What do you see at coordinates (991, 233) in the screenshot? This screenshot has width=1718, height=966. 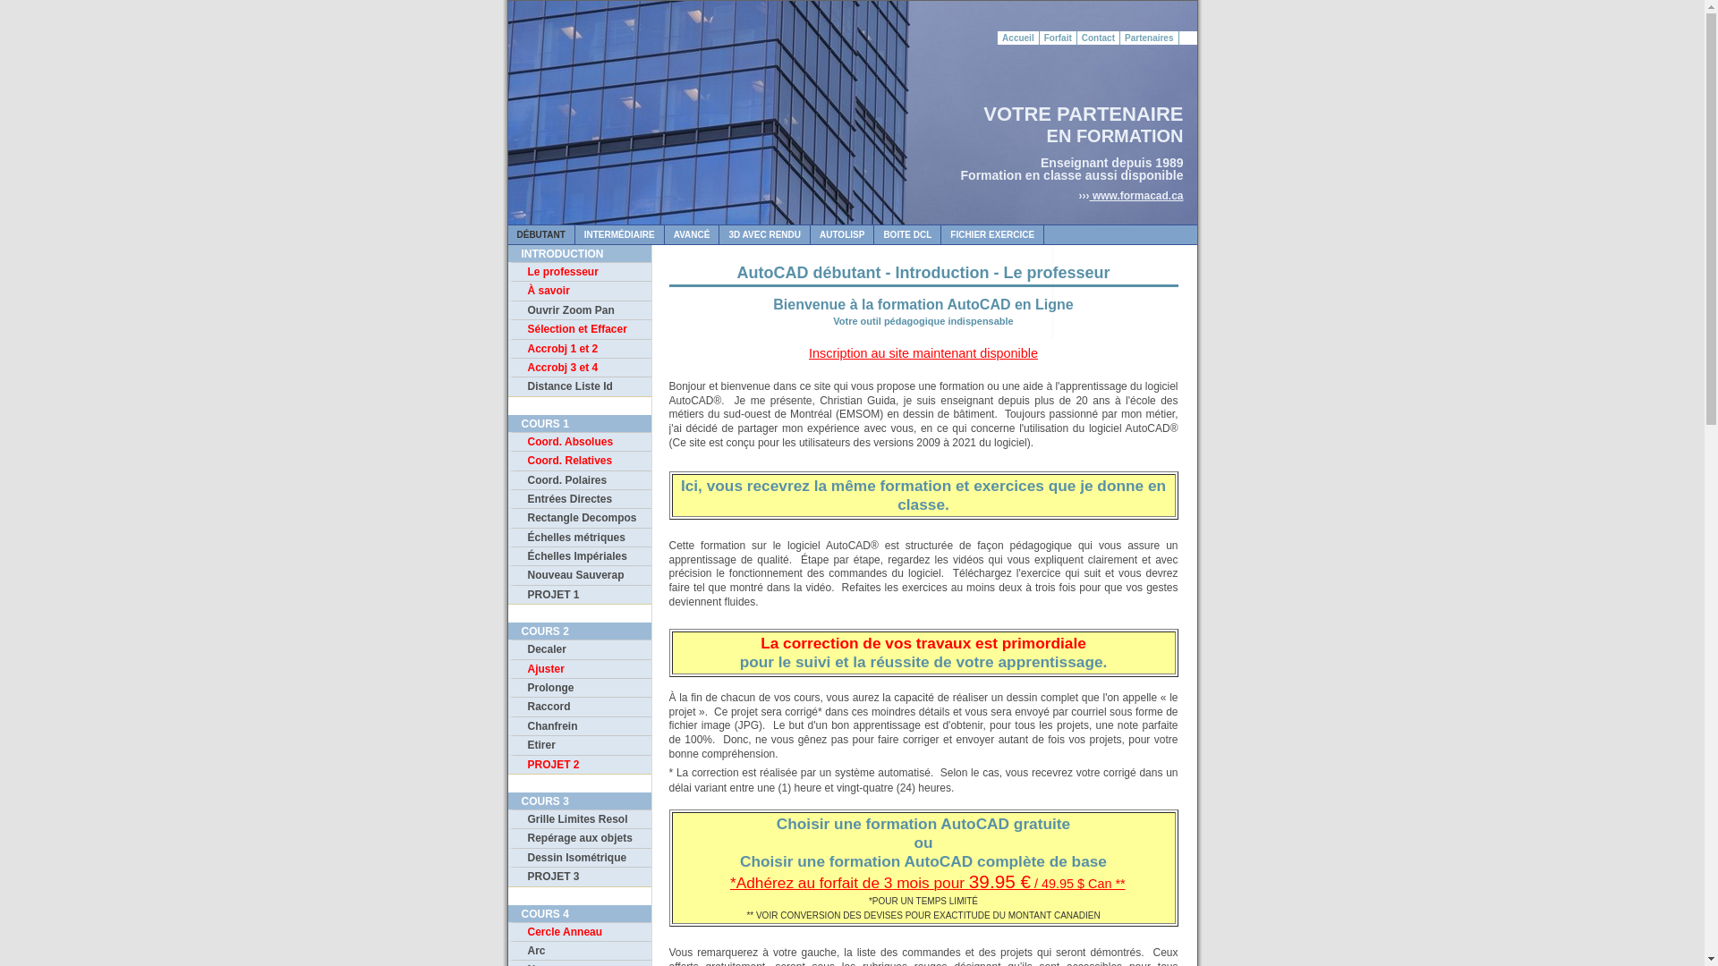 I see `'FICHIER EXERCICE'` at bounding box center [991, 233].